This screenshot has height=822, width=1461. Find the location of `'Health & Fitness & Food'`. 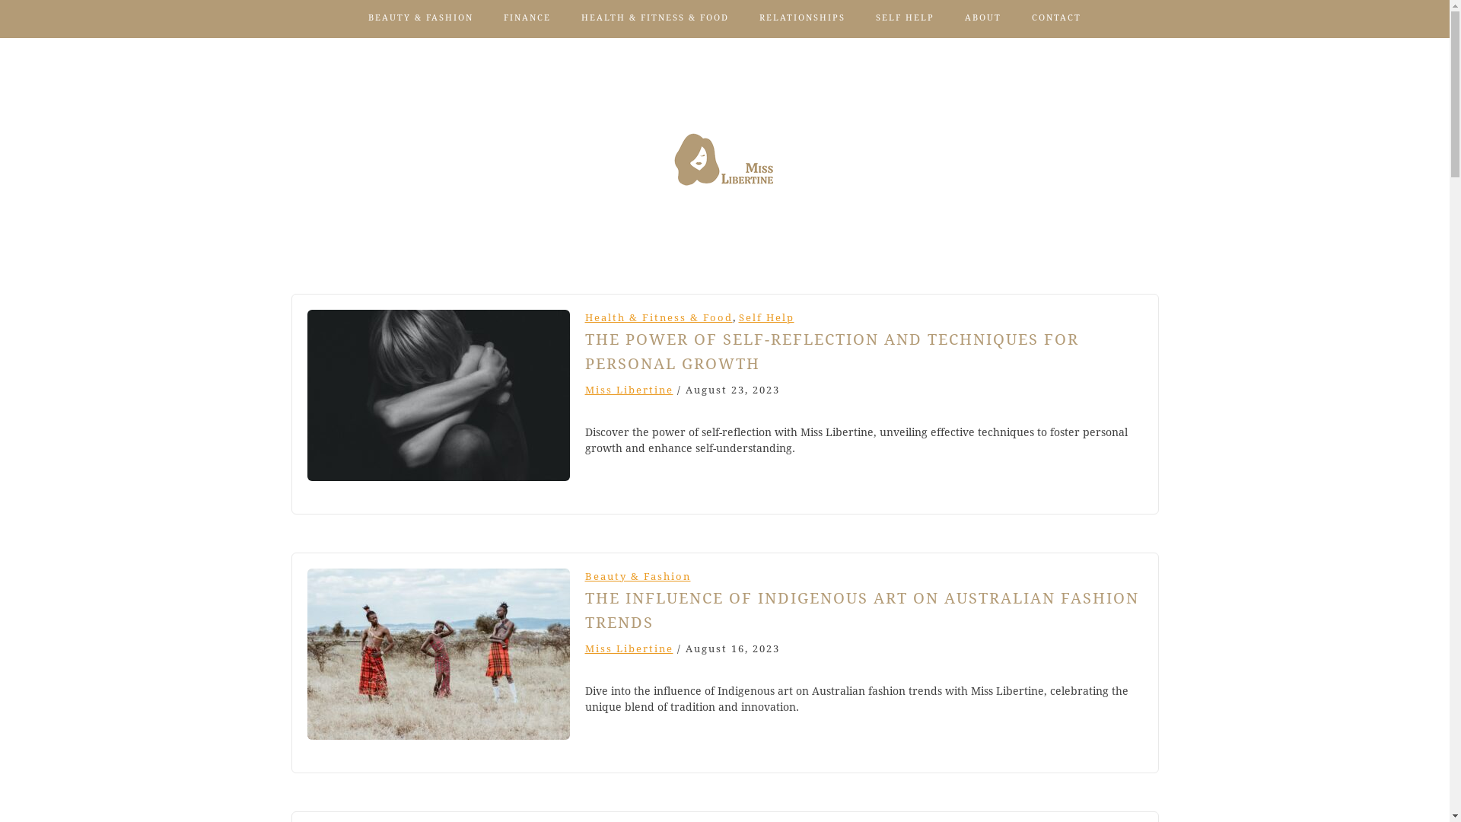

'Health & Fitness & Food' is located at coordinates (657, 317).